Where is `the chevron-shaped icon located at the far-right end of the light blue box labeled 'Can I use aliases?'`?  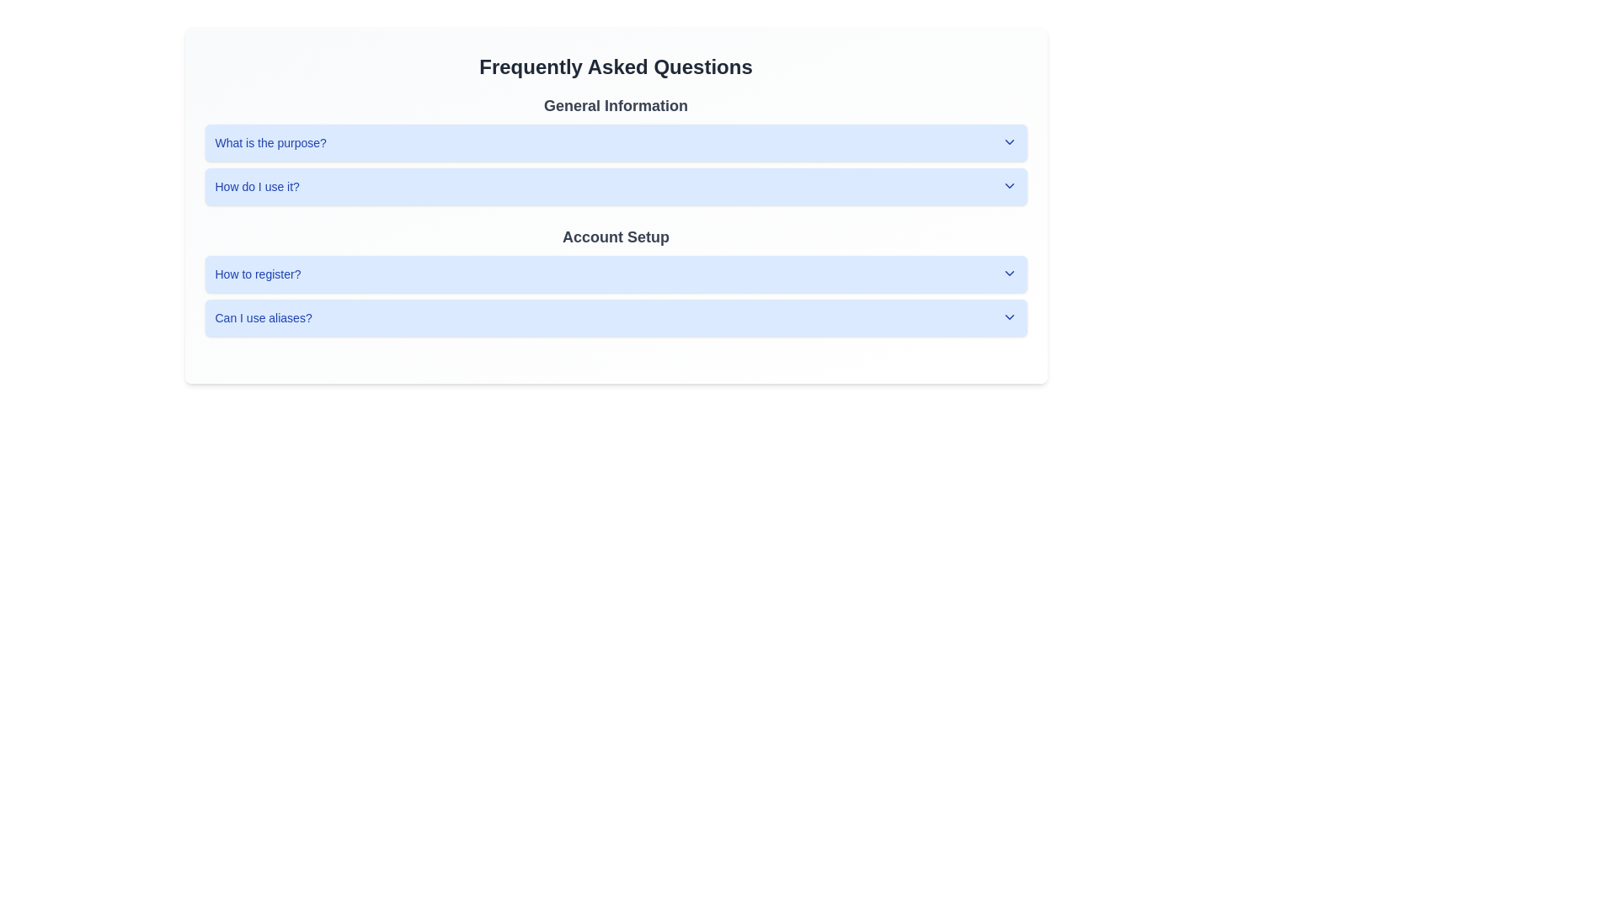
the chevron-shaped icon located at the far-right end of the light blue box labeled 'Can I use aliases?' is located at coordinates (1009, 317).